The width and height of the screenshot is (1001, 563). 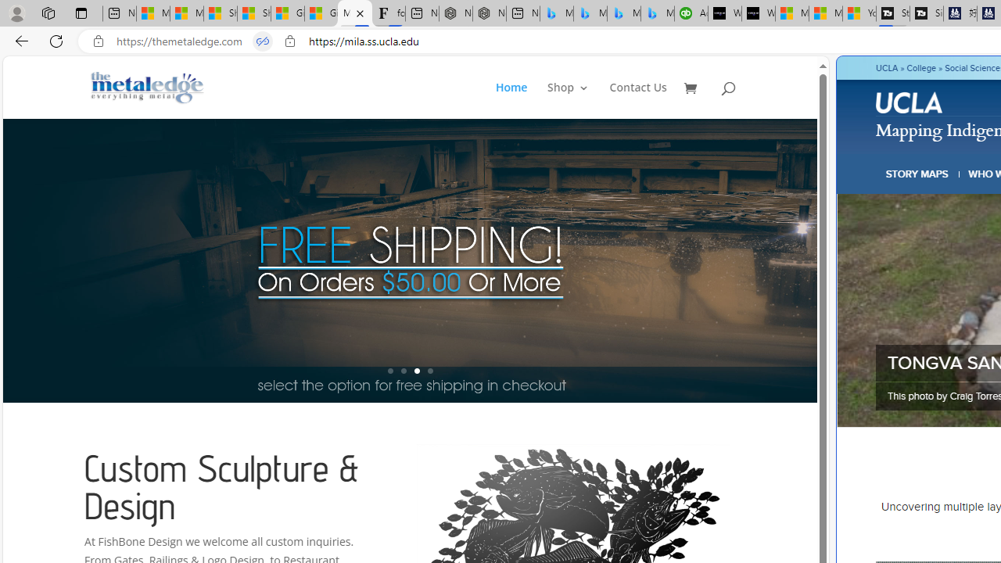 What do you see at coordinates (589, 13) in the screenshot?
I see `'Microsoft Bing Travel - Stays in Bangkok, Bangkok, Thailand'` at bounding box center [589, 13].